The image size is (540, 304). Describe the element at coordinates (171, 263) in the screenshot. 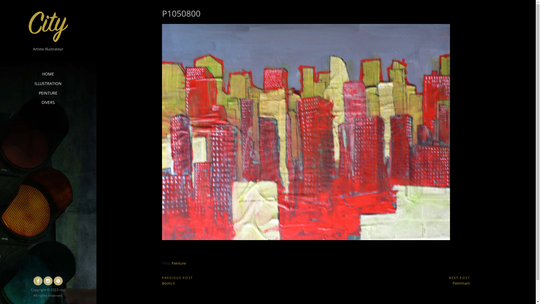

I see `'Peinture'` at that location.